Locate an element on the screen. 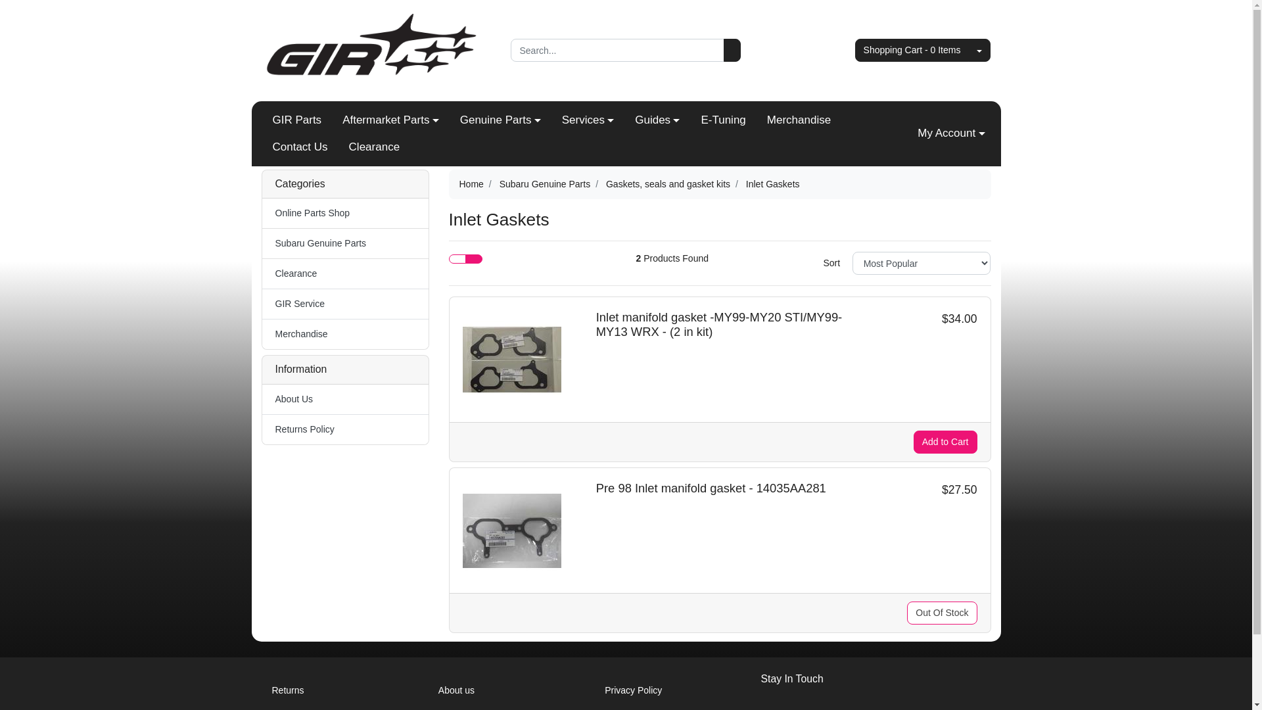 This screenshot has width=1262, height=710. 'My Account' is located at coordinates (950, 133).